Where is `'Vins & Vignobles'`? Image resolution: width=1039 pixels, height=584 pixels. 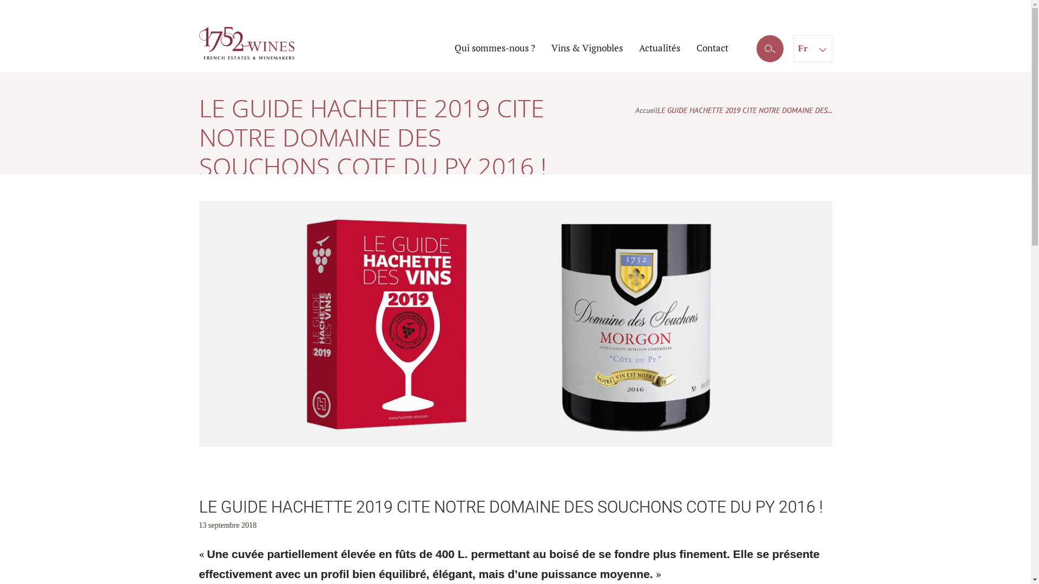 'Vins & Vignobles' is located at coordinates (586, 47).